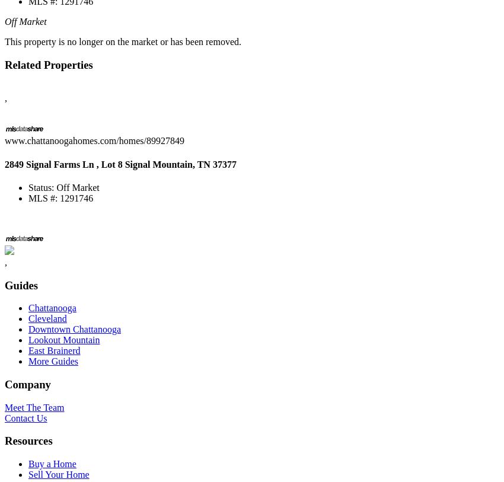  I want to click on 'This property is no longer on the market or has been removed.', so click(122, 40).